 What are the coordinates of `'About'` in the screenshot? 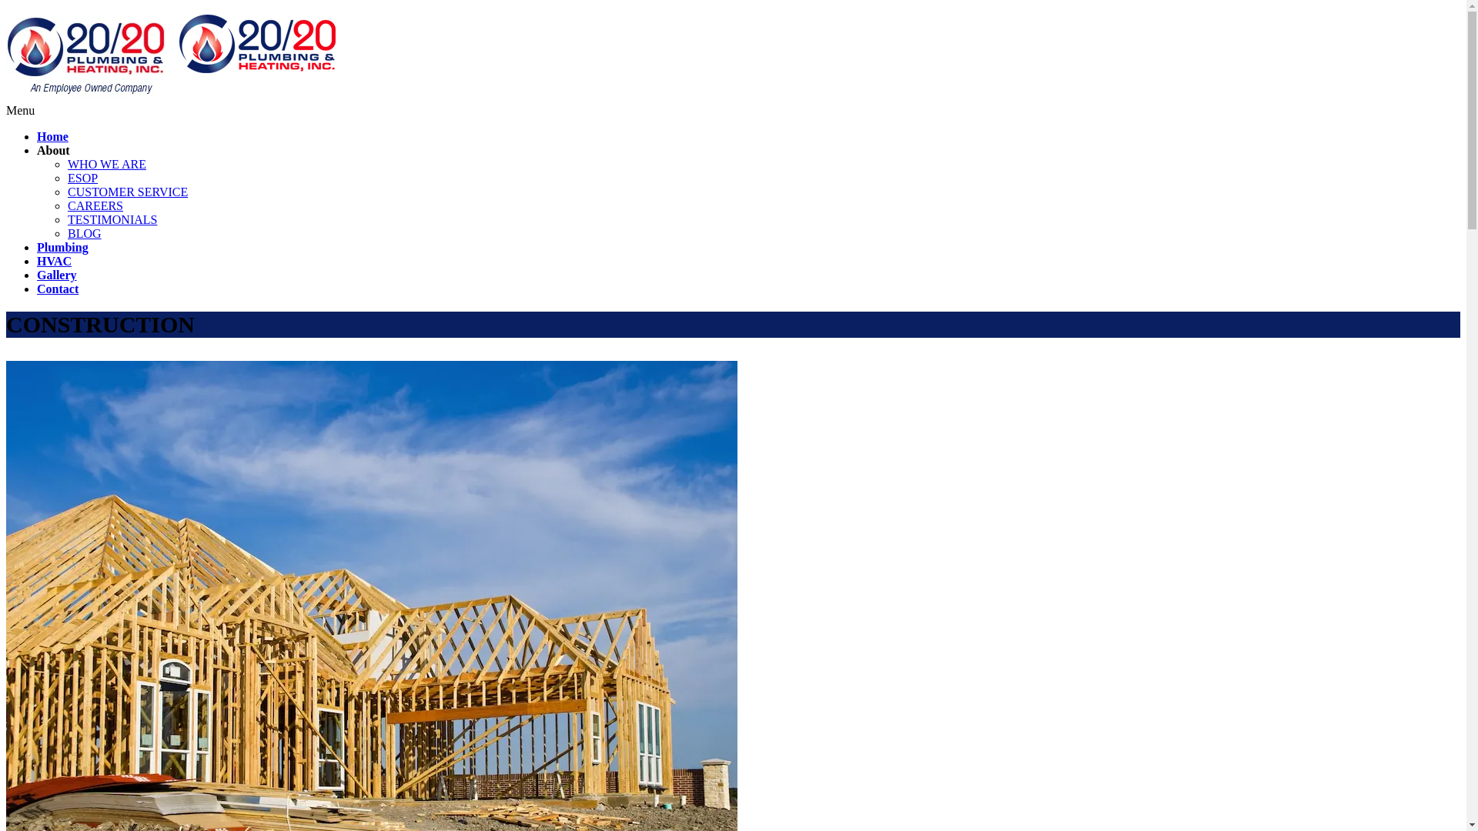 It's located at (53, 150).